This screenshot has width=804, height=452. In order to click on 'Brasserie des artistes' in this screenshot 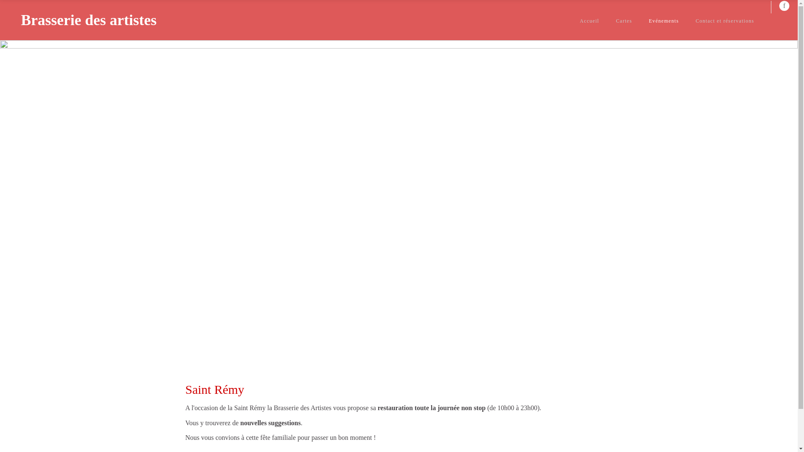, I will do `click(88, 19)`.